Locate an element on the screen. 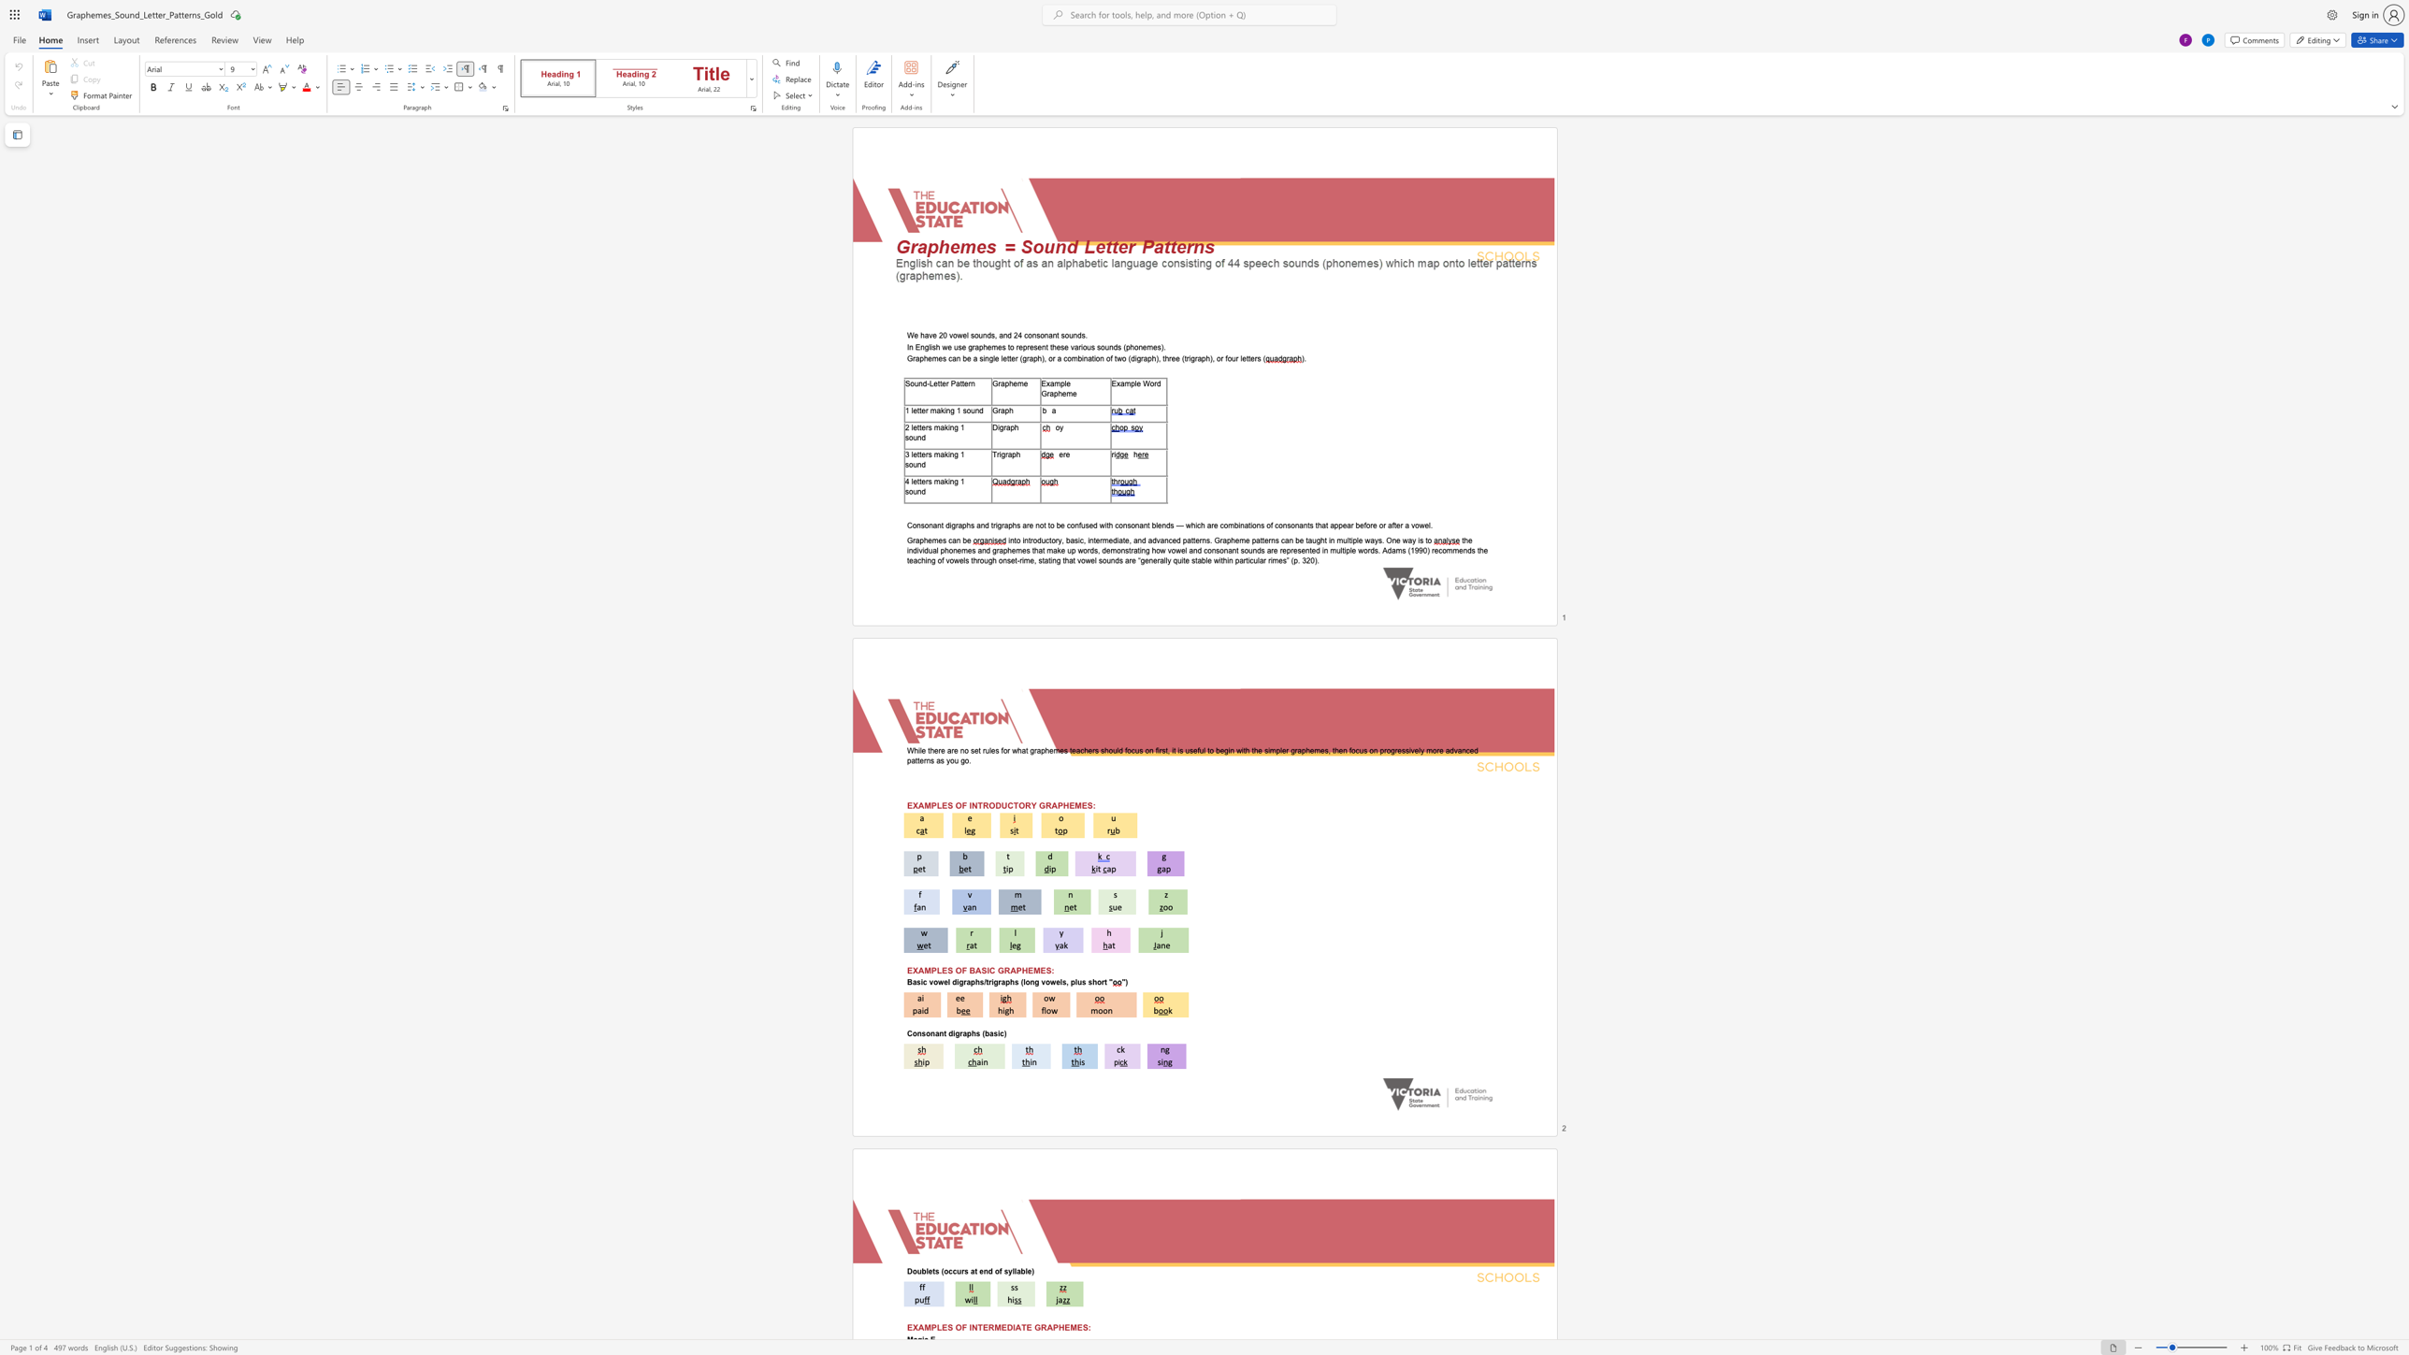  the subset text "sounds, and 24 consonant s" within the text "We have 20 vowel sounds, and 24 consonant sounds." is located at coordinates (970, 335).